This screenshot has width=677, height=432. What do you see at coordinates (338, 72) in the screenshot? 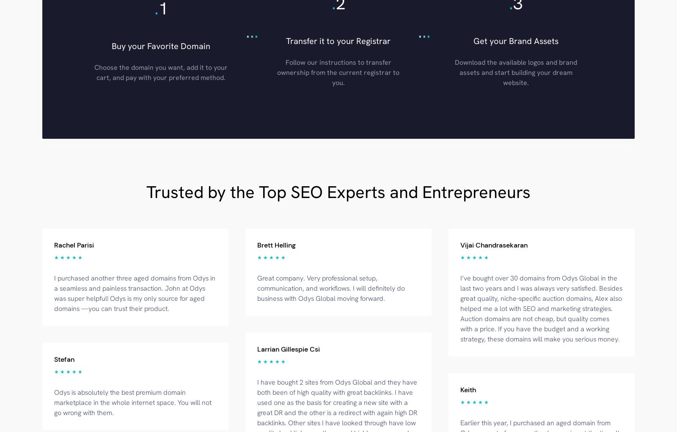
I see `'Follow our instructions to transfer ownership from the current registrar to you.'` at bounding box center [338, 72].